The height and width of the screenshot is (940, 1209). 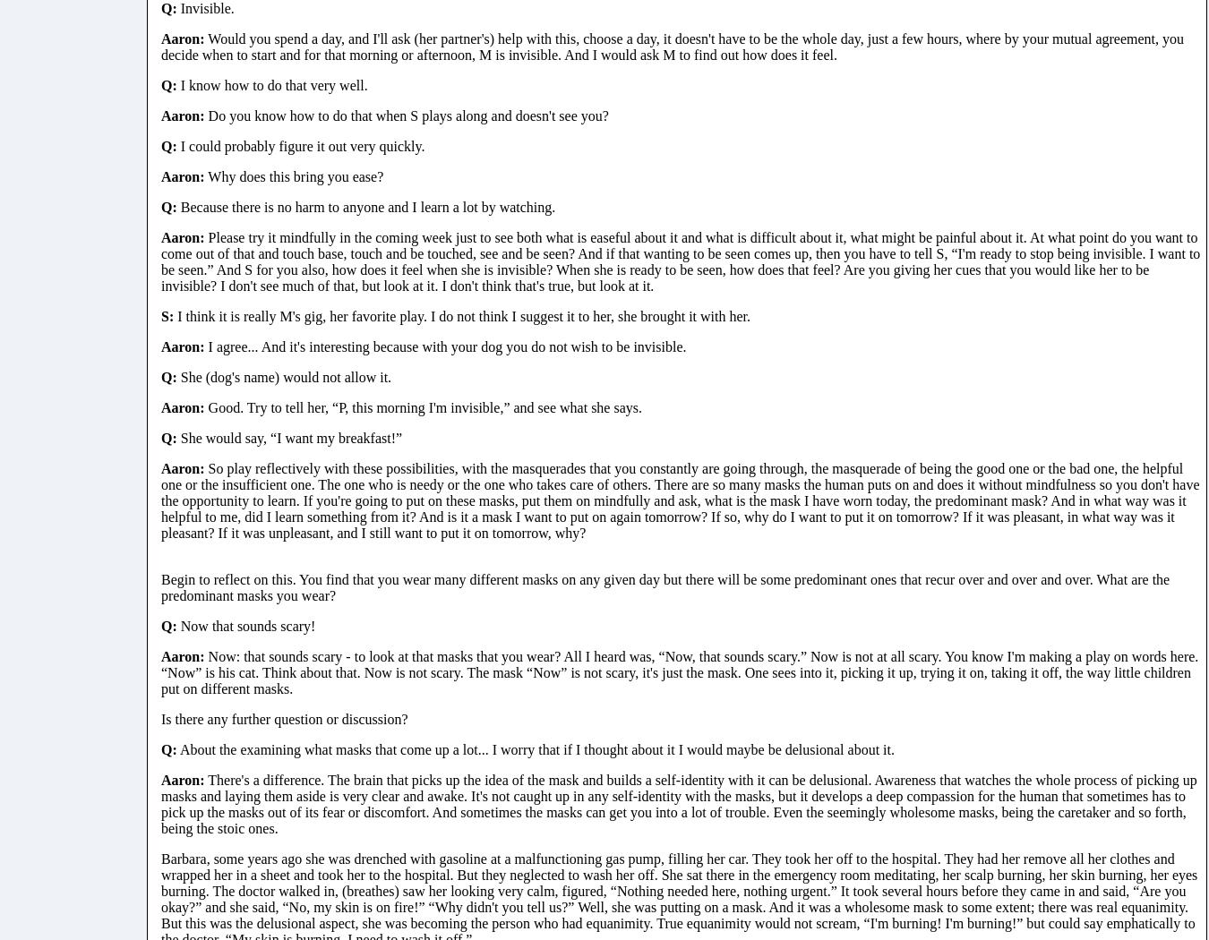 What do you see at coordinates (288, 437) in the screenshot?
I see `'She would say, “I want my breakfast!”'` at bounding box center [288, 437].